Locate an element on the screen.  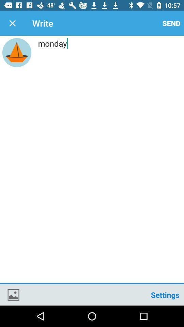
the wallpaper icon is located at coordinates (13, 294).